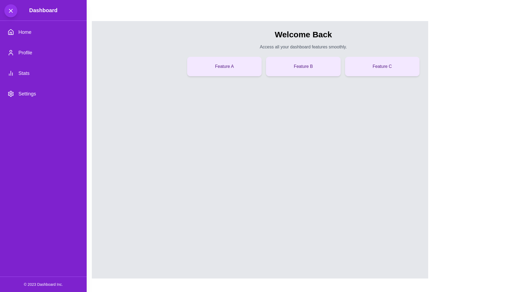 This screenshot has width=520, height=292. What do you see at coordinates (19, 32) in the screenshot?
I see `the 'Home' button located in the left sidebar, which features a house icon and is styled with rounded corners` at bounding box center [19, 32].